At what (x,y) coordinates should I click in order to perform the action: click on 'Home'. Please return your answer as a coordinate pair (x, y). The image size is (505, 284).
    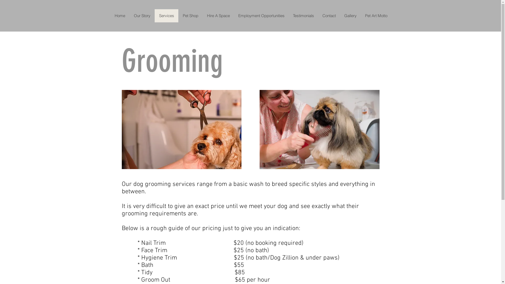
    Looking at the image, I should click on (120, 16).